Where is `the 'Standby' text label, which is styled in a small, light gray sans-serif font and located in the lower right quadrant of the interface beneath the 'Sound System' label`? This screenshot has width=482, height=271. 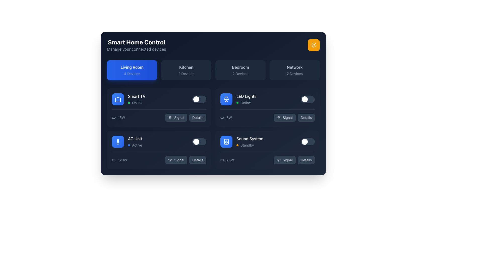
the 'Standby' text label, which is styled in a small, light gray sans-serif font and located in the lower right quadrant of the interface beneath the 'Sound System' label is located at coordinates (247, 145).